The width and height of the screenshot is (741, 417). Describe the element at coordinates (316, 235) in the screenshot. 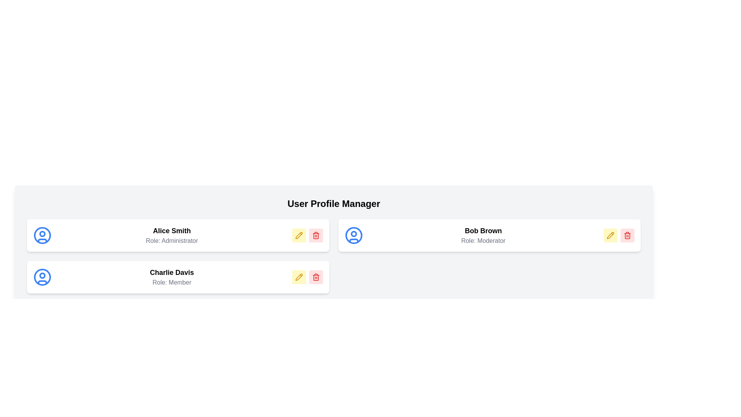

I see `the delete button located in the rightmost part of the button group within a user profile card to initiate a deletion` at that location.